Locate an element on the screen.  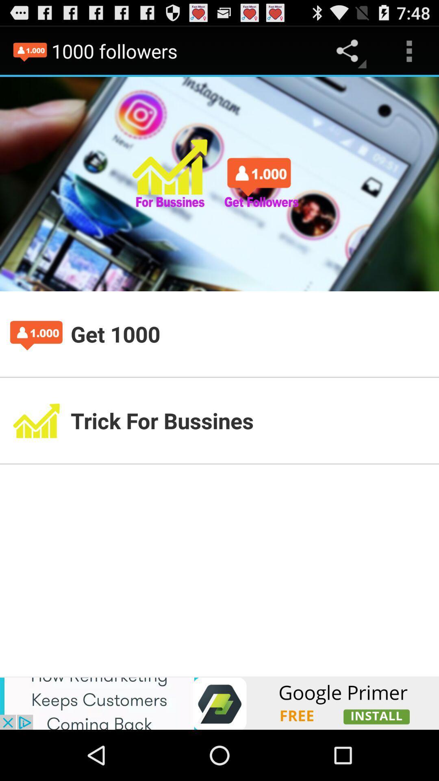
advertisement is located at coordinates (219, 702).